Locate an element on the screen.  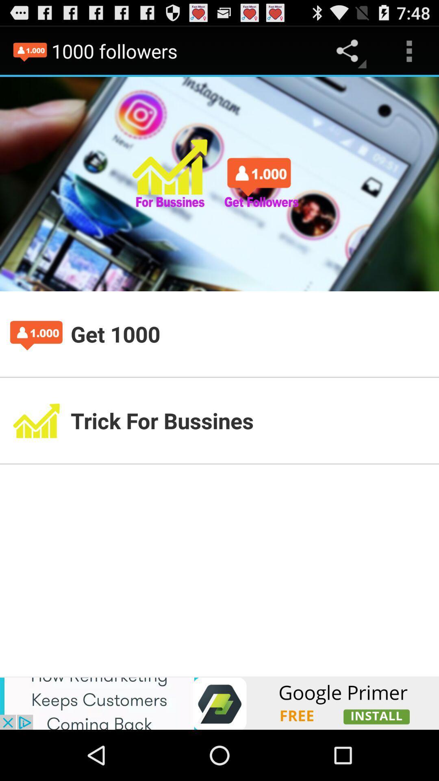
advertisement is located at coordinates (219, 702).